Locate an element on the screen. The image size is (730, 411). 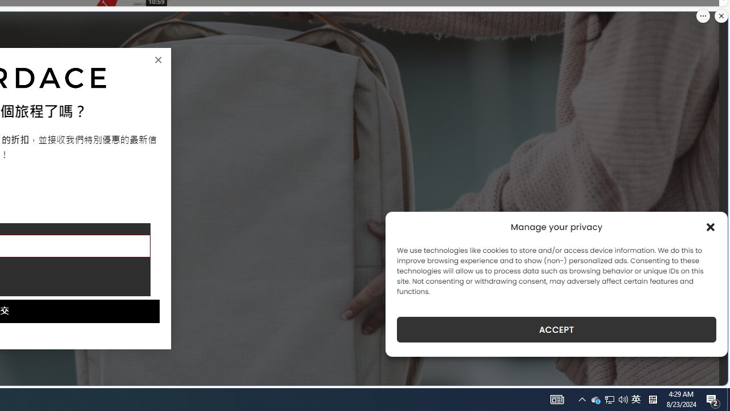
'Class: cmplz-close' is located at coordinates (710, 227).